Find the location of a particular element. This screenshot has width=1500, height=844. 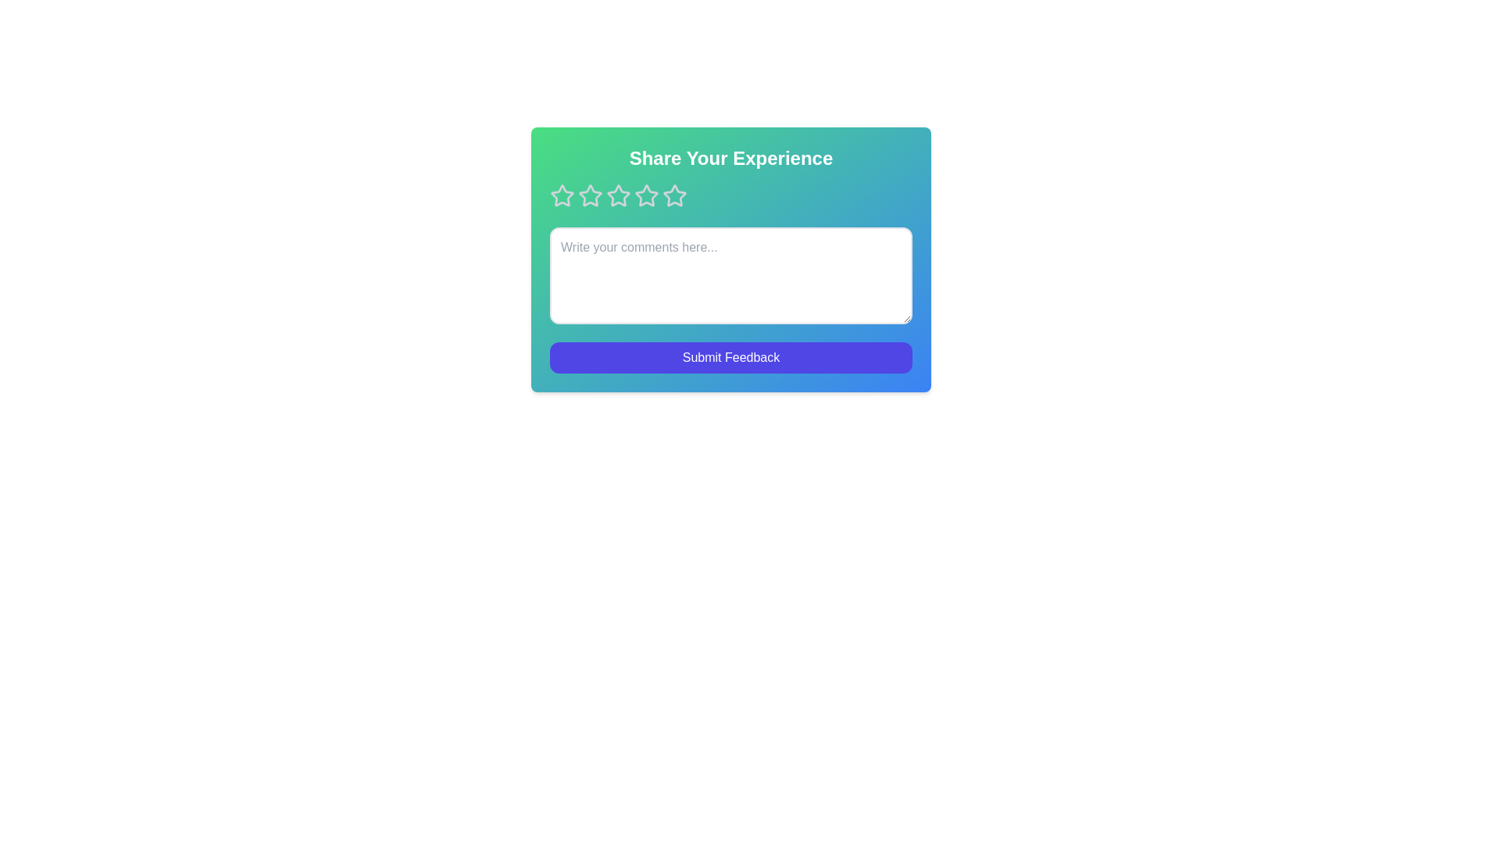

the rating to 1 stars by clicking on the corresponding star is located at coordinates (562, 195).